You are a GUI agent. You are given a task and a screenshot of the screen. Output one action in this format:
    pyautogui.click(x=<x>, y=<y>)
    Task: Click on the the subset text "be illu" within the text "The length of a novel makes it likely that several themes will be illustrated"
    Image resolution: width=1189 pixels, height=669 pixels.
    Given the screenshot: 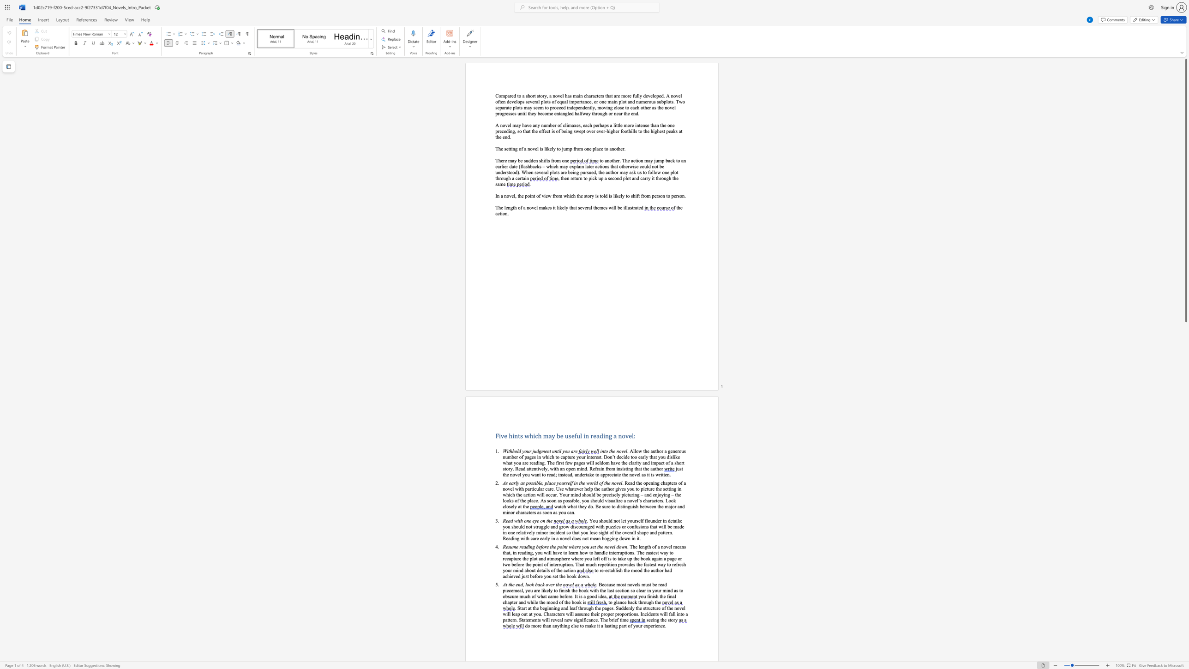 What is the action you would take?
    pyautogui.click(x=618, y=207)
    